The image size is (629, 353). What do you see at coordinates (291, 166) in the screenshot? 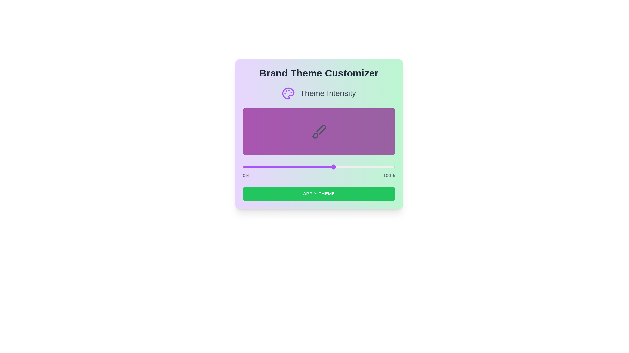
I see `the theme intensity slider to 32% to view the corresponding theme preview` at bounding box center [291, 166].